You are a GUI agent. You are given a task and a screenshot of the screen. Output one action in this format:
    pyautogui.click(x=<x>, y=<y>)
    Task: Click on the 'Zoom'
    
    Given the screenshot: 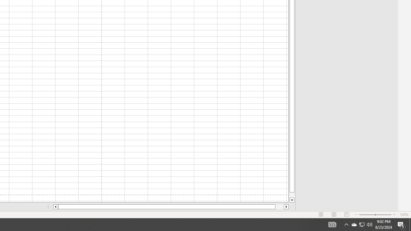 What is the action you would take?
    pyautogui.click(x=375, y=215)
    